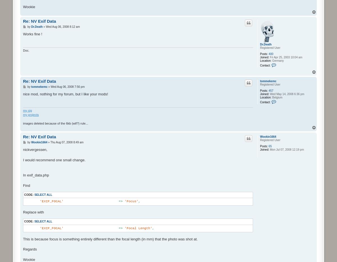 The height and width of the screenshot is (262, 337). Describe the element at coordinates (271, 90) in the screenshot. I see `'457'` at that location.